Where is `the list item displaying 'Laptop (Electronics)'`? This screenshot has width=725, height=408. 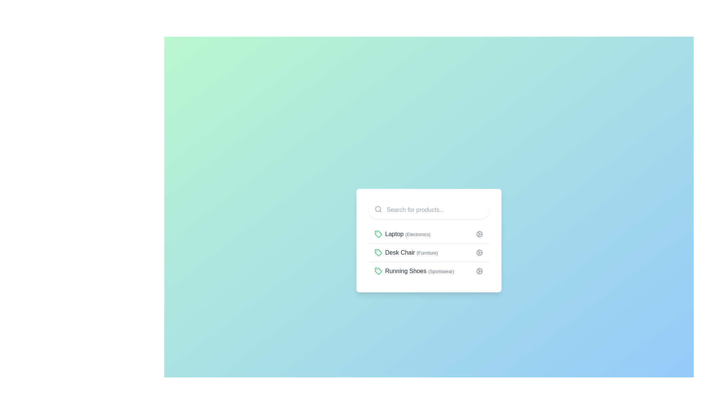
the list item displaying 'Laptop (Electronics)' is located at coordinates (402, 234).